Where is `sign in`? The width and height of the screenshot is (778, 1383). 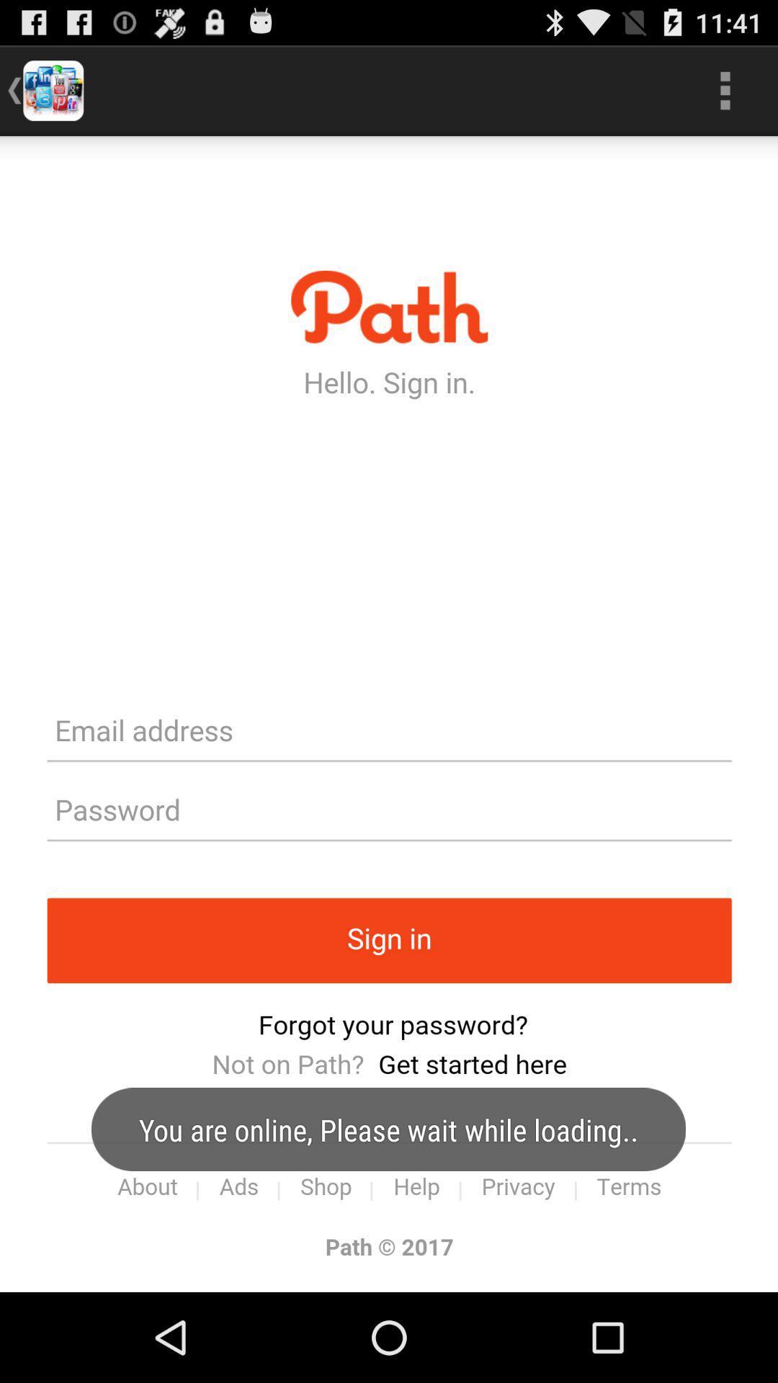
sign in is located at coordinates (389, 714).